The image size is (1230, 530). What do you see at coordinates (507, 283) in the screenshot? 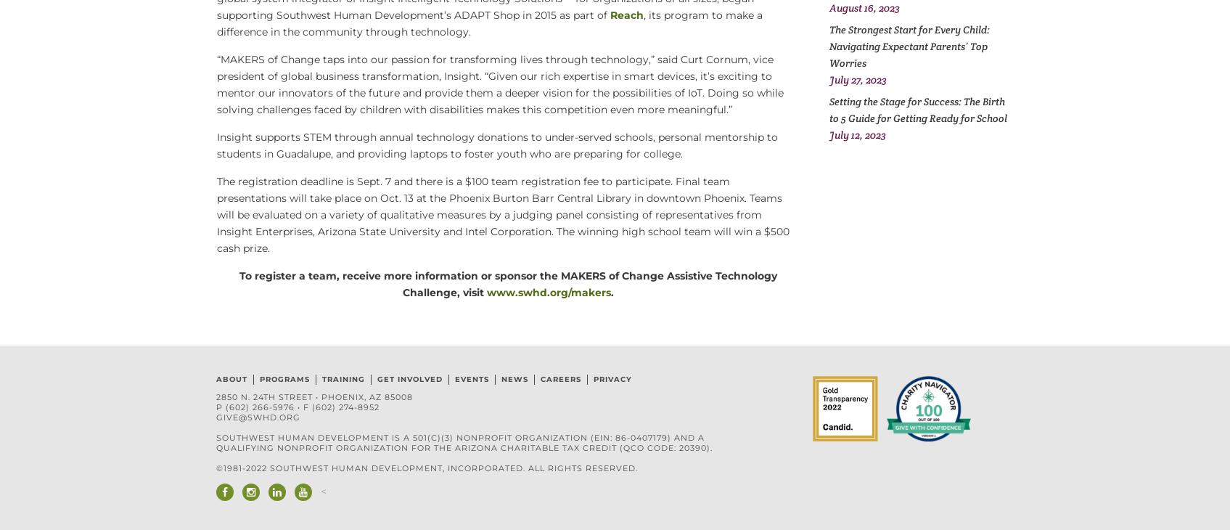
I see `'To register a team, receive more information or sponsor the MAKERS of Change Assistive Technology Challenge,'` at bounding box center [507, 283].